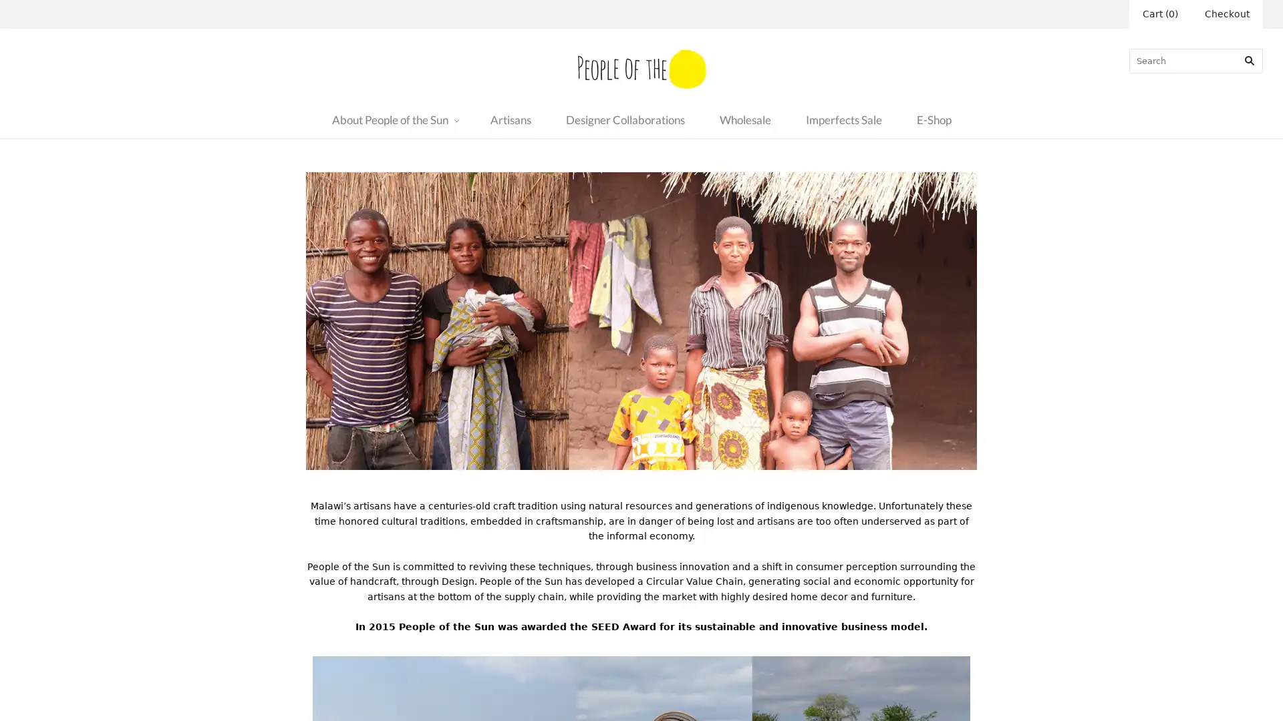 The image size is (1283, 721). Describe the element at coordinates (1249, 60) in the screenshot. I see `Search` at that location.